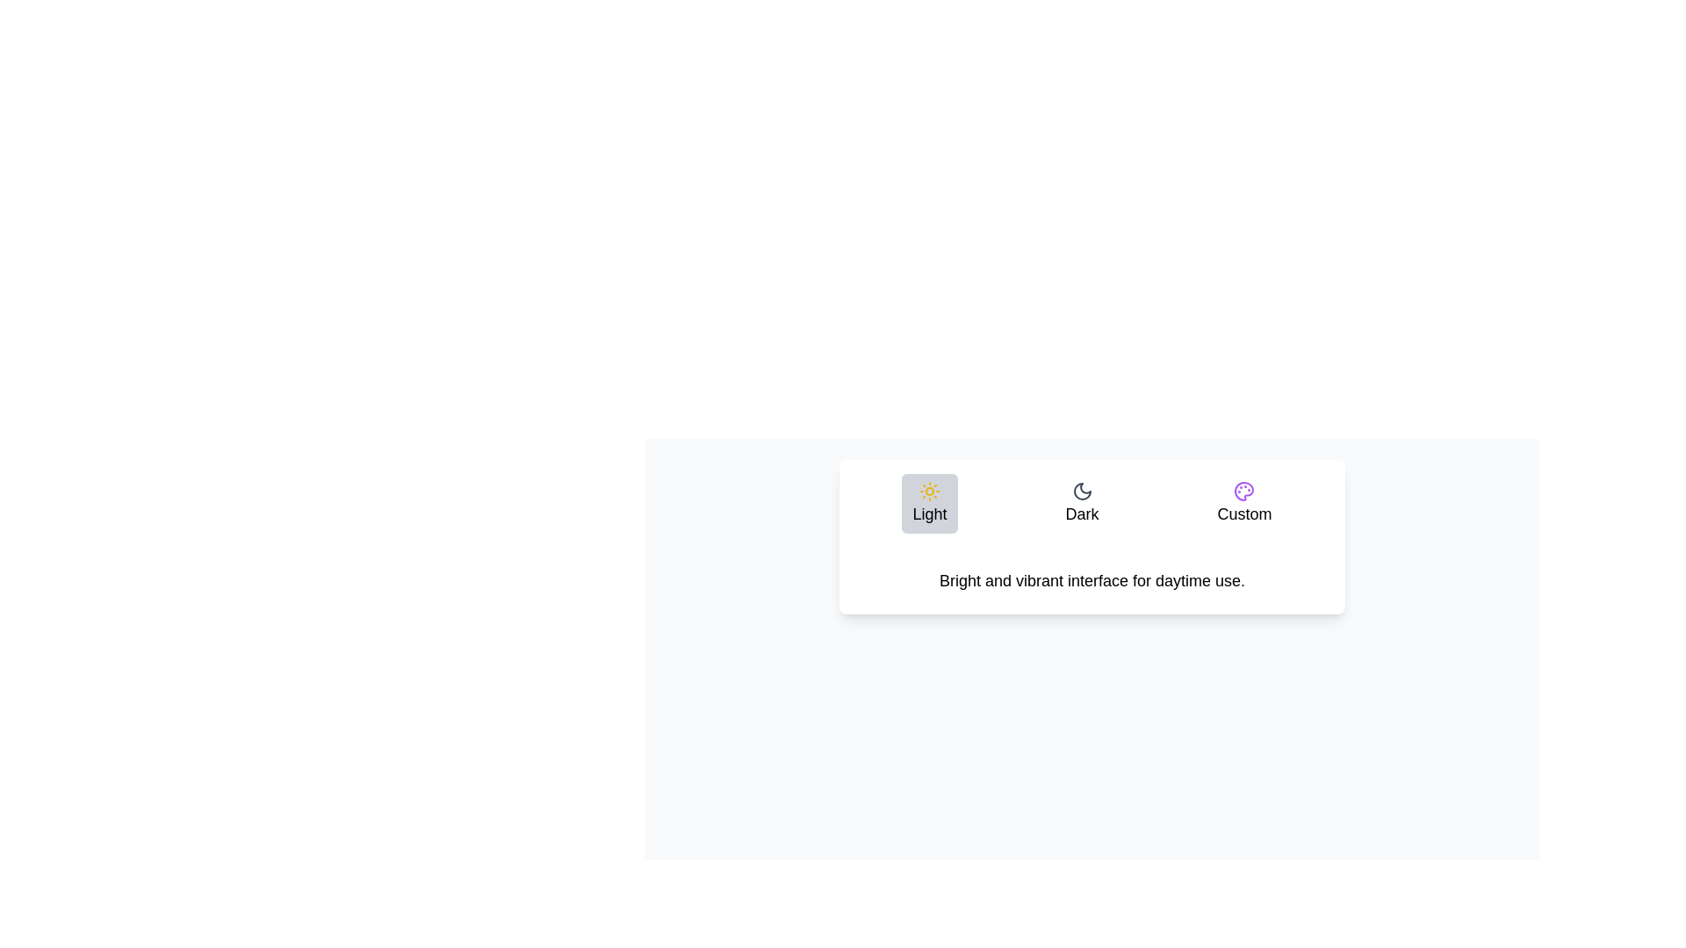  What do you see at coordinates (1243, 504) in the screenshot?
I see `the Custom tab to select it` at bounding box center [1243, 504].